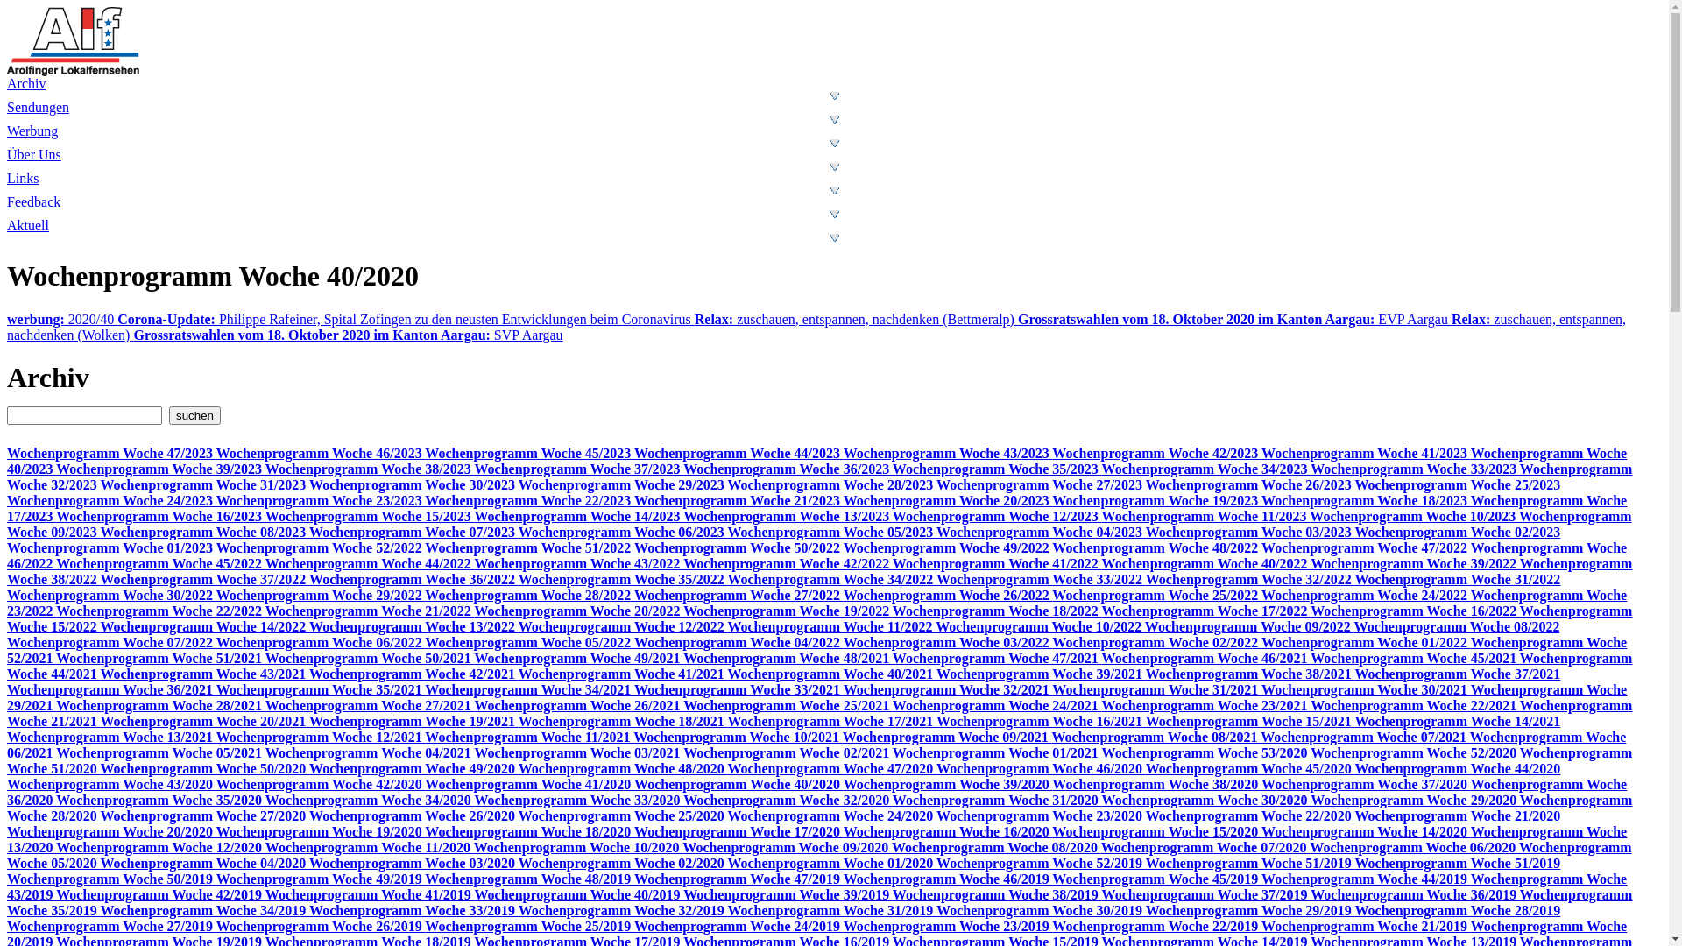 This screenshot has height=946, width=1682. I want to click on 'Wochenprogramm Woche 20/2020', so click(110, 830).